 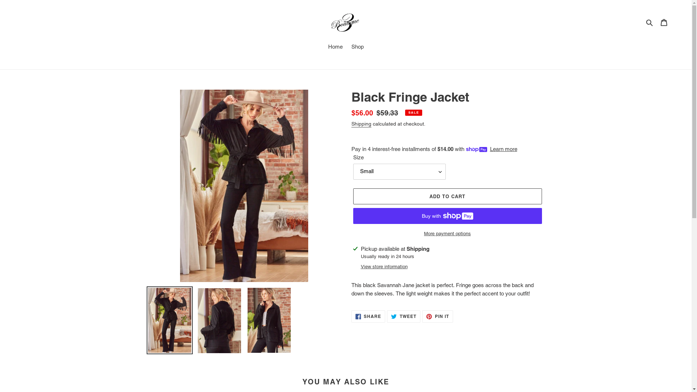 I want to click on 'Shipping', so click(x=351, y=124).